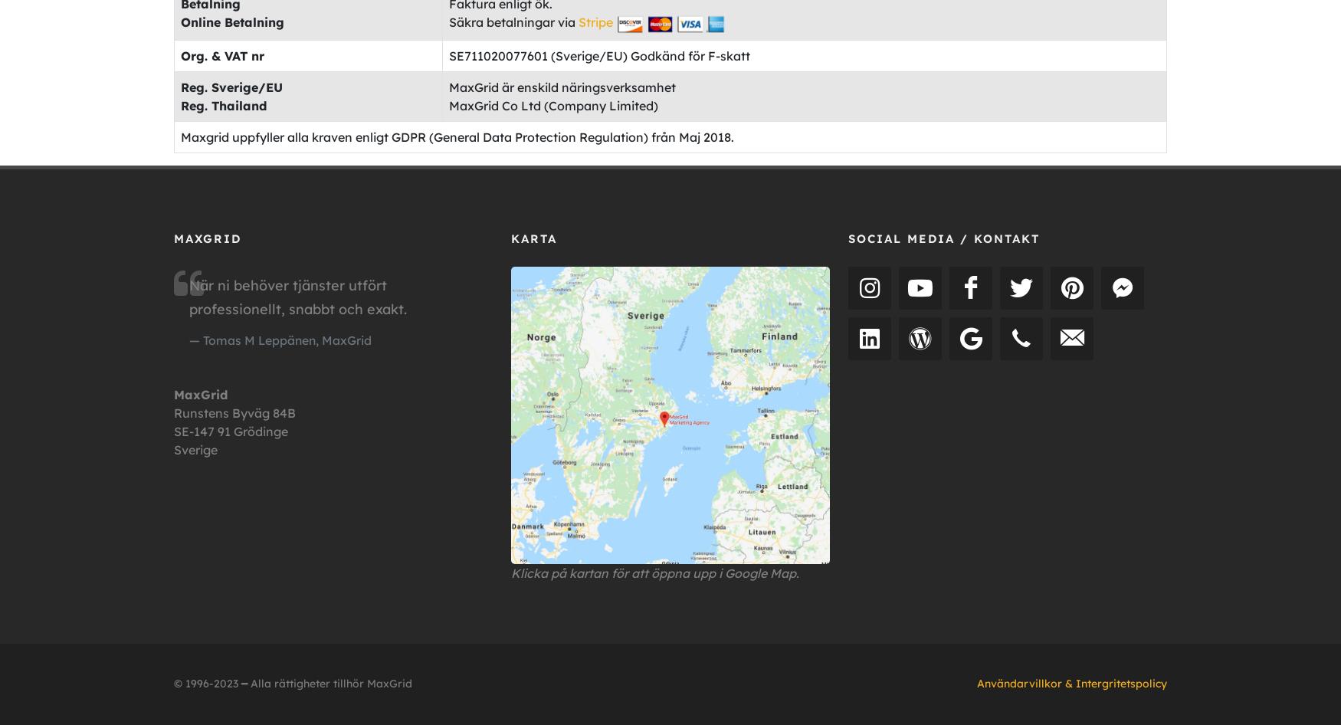 The image size is (1341, 725). What do you see at coordinates (225, 682) in the screenshot?
I see `'2023'` at bounding box center [225, 682].